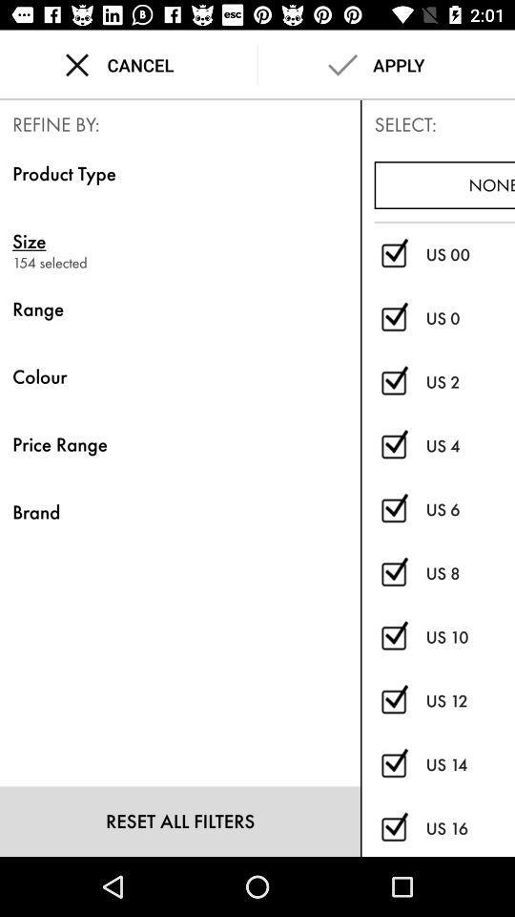 Image resolution: width=515 pixels, height=917 pixels. I want to click on the us 0 item, so click(469, 318).